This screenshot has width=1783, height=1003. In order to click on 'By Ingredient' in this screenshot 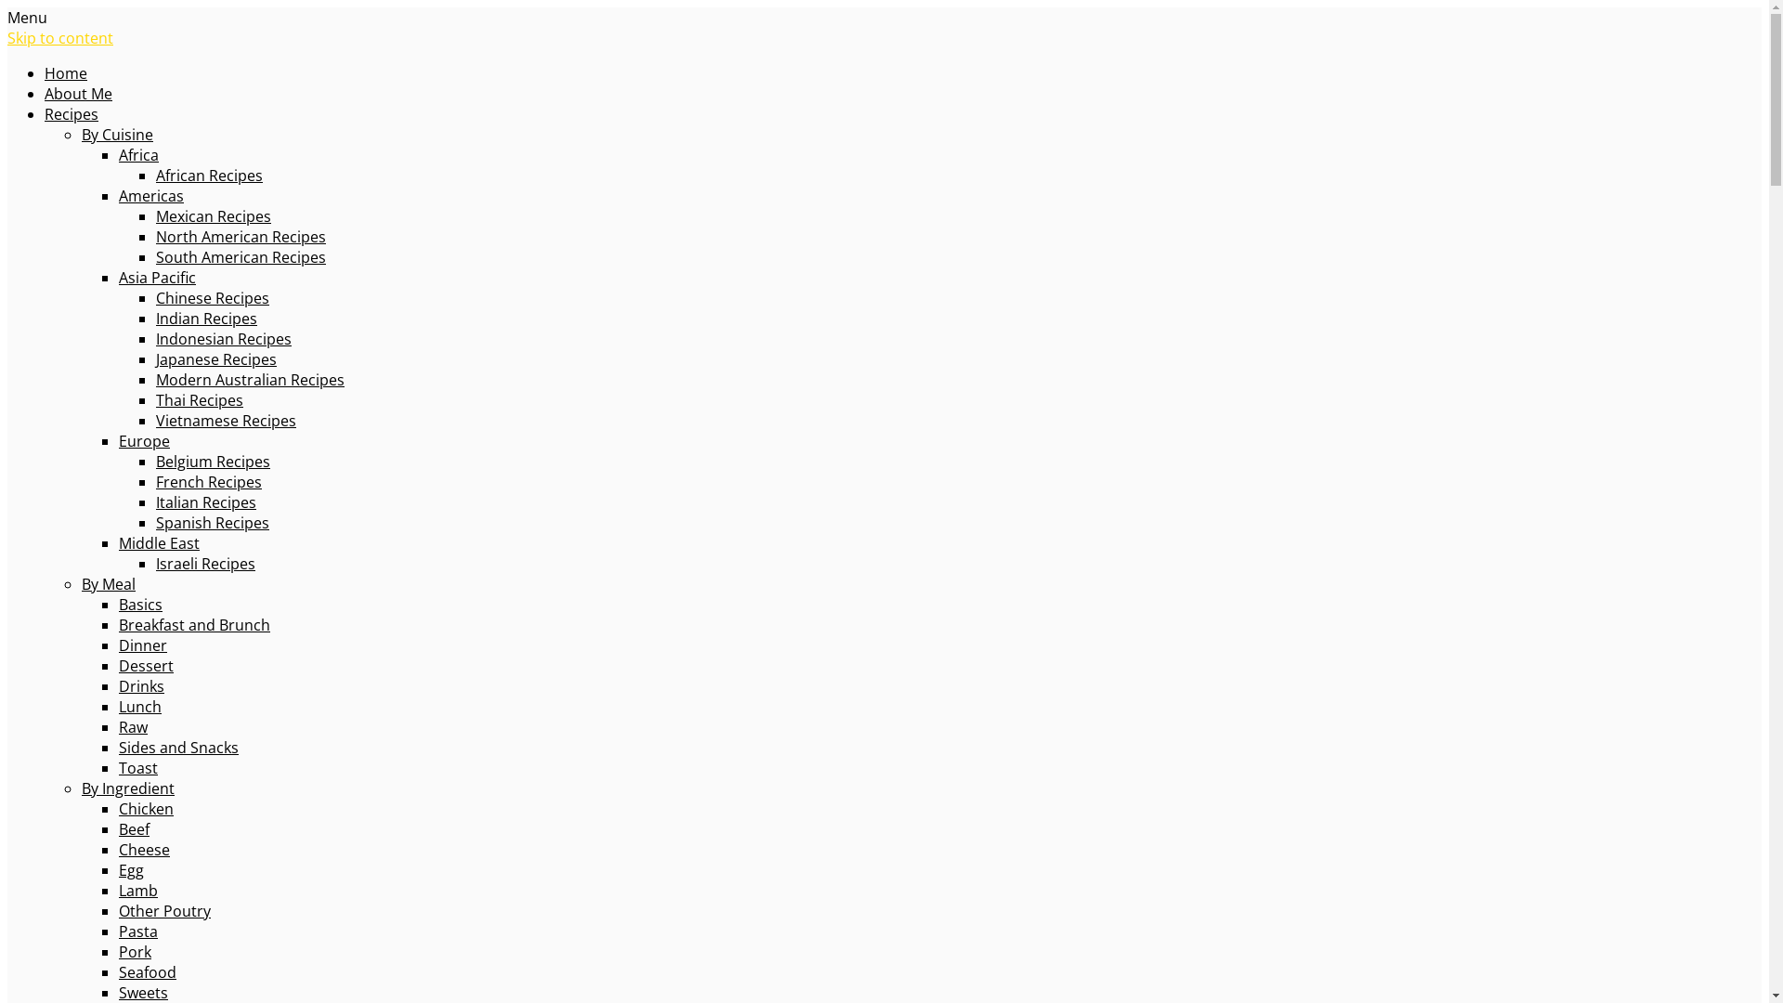, I will do `click(127, 788)`.